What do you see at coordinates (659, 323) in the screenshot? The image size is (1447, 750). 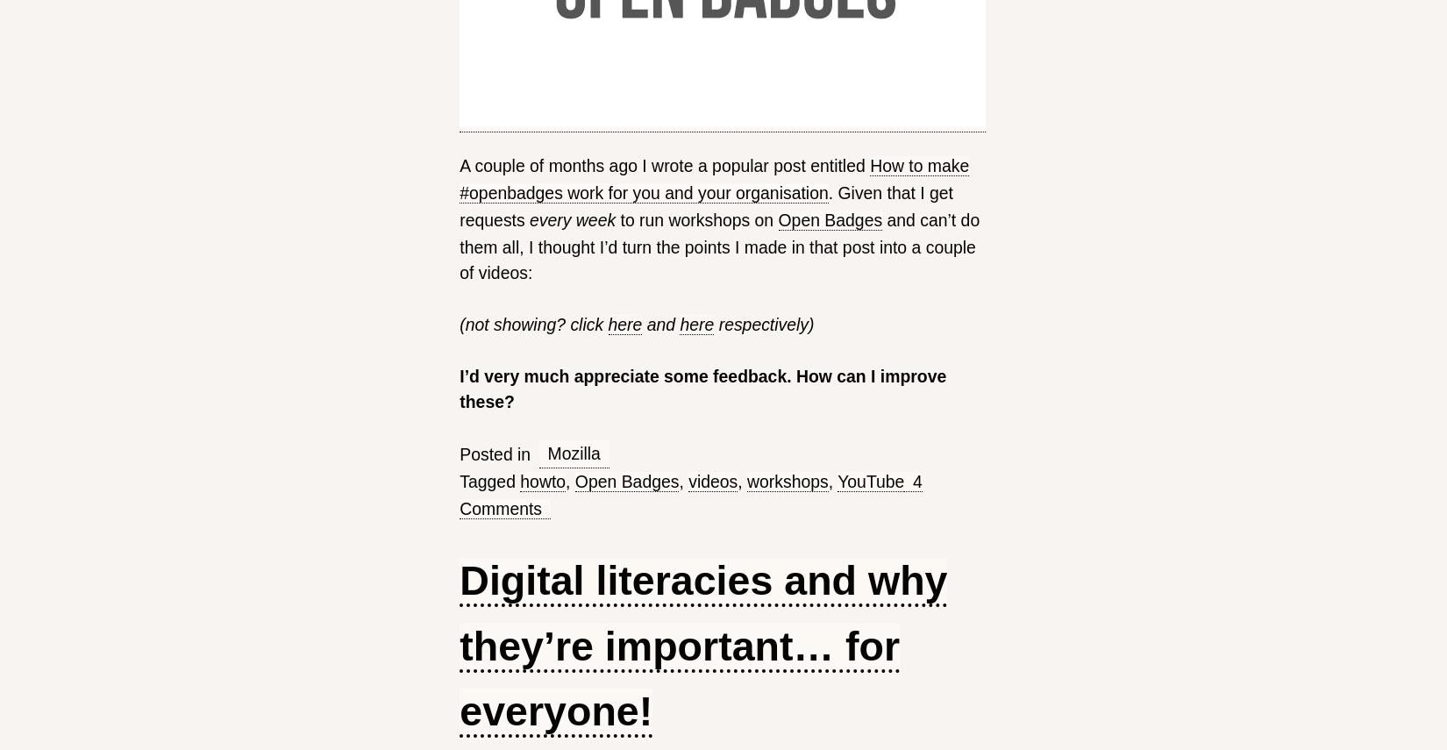 I see `'and'` at bounding box center [659, 323].